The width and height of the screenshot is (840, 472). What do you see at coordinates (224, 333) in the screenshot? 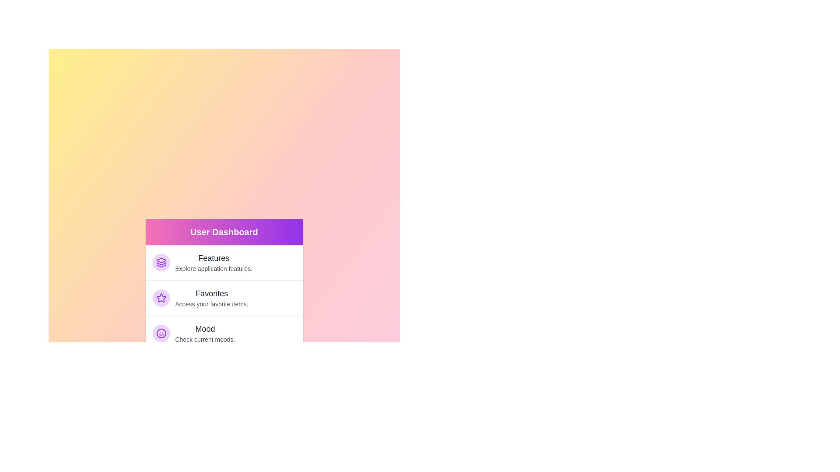
I see `the menu item labeled Mood to navigate to its associated feature` at bounding box center [224, 333].